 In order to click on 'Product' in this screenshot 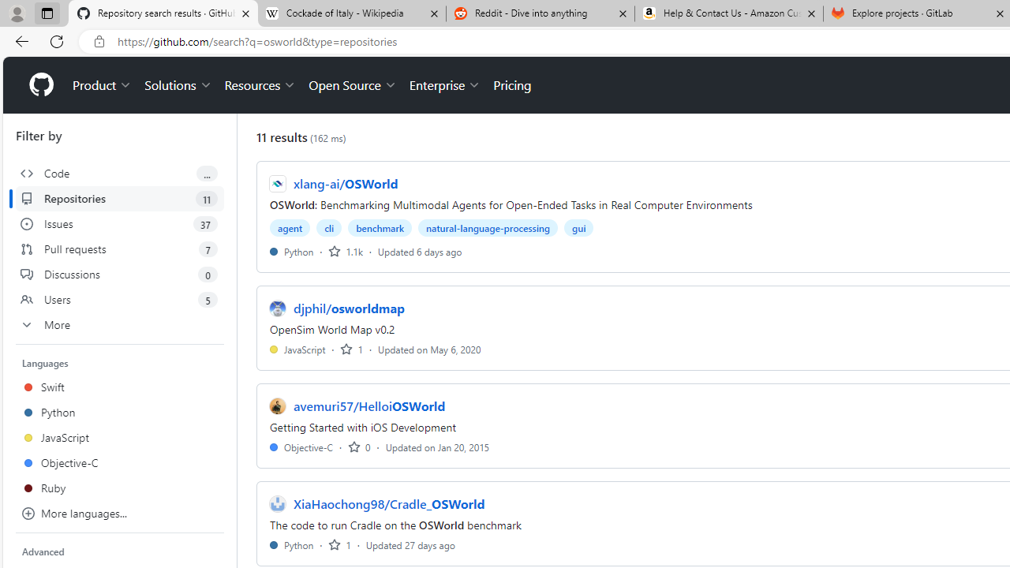, I will do `click(102, 85)`.